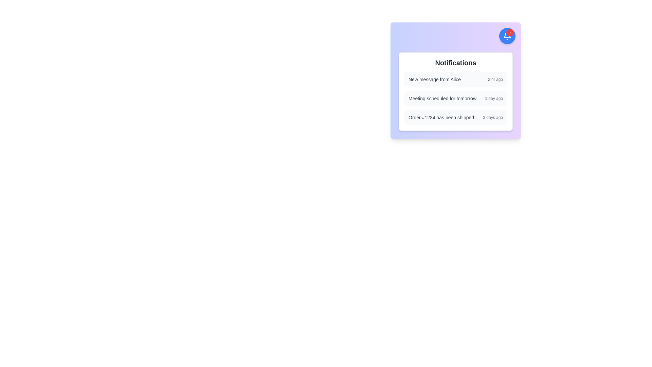 The height and width of the screenshot is (367, 652). I want to click on the gray text label displaying '3 days ago', located in the 'Order #1234 has been shipped' notification box, so click(493, 117).